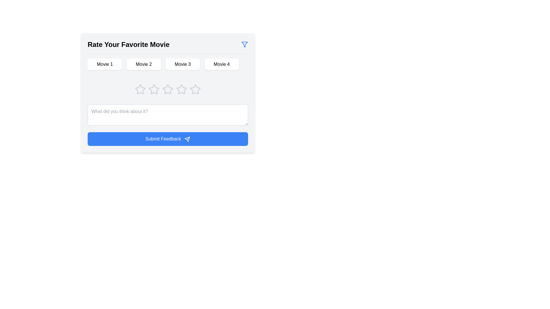 The image size is (550, 309). I want to click on the first star icon in the horizontal row of star rating icons, so click(154, 89).